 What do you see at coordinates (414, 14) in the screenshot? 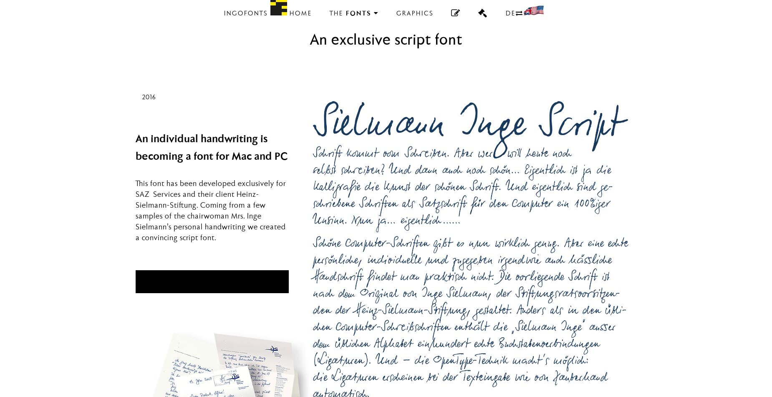
I see `'Graphics'` at bounding box center [414, 14].